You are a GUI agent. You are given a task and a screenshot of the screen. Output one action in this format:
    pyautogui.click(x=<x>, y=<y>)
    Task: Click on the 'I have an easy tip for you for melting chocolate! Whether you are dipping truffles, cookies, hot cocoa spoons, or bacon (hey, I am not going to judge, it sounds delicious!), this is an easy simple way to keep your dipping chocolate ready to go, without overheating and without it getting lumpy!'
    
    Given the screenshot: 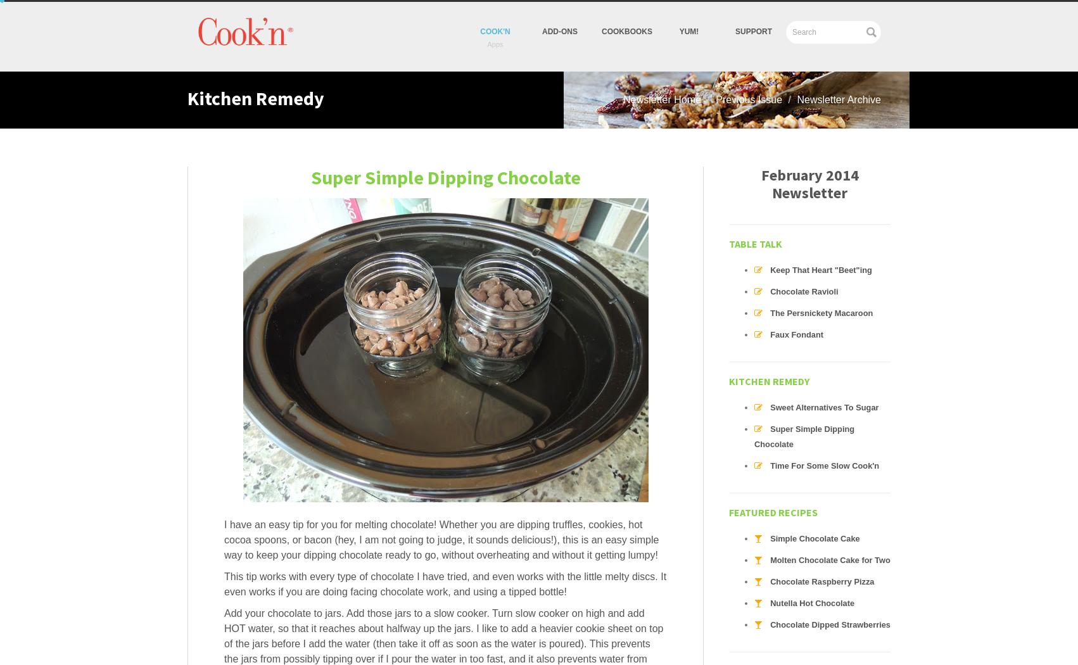 What is the action you would take?
    pyautogui.click(x=441, y=540)
    